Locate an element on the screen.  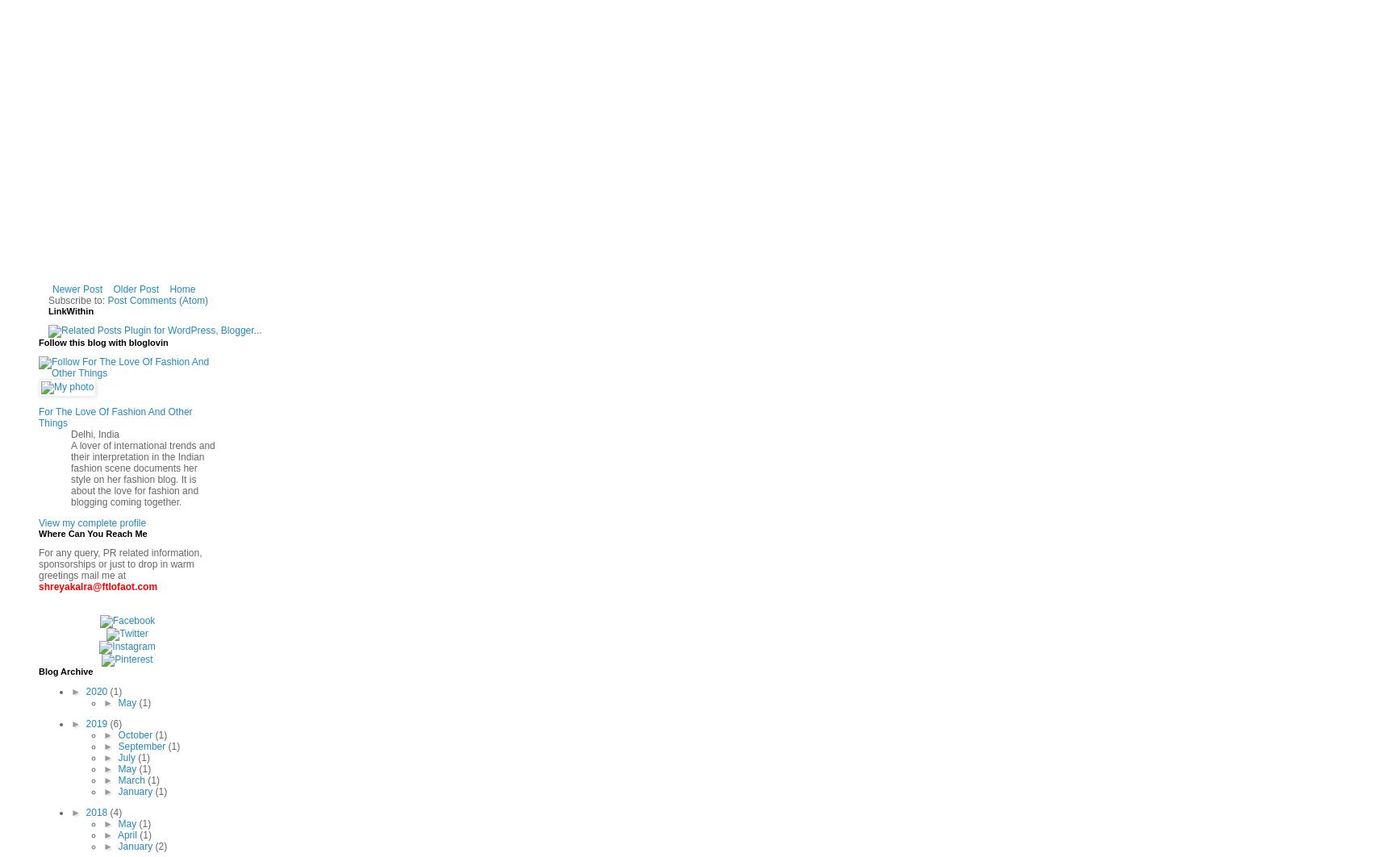
'LinkWithin' is located at coordinates (48, 310).